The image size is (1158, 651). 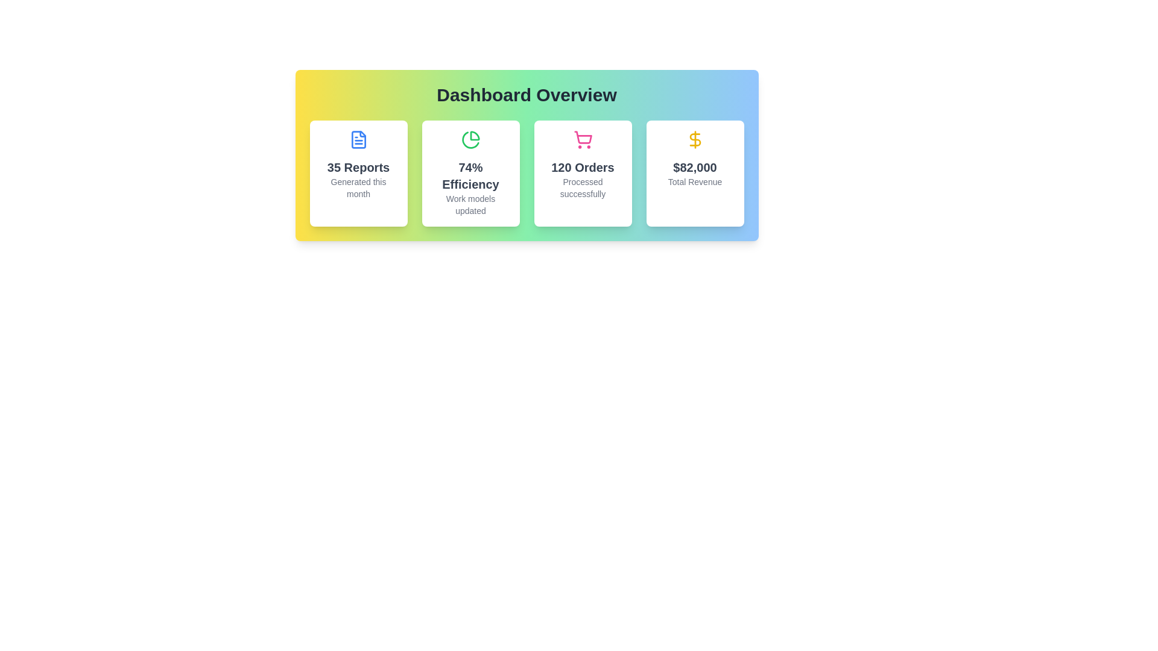 What do you see at coordinates (358, 188) in the screenshot?
I see `the text label providing additional descriptive information about the 'Reports' metric, located underneath the headline '35 Reports' within the leftmost card` at bounding box center [358, 188].